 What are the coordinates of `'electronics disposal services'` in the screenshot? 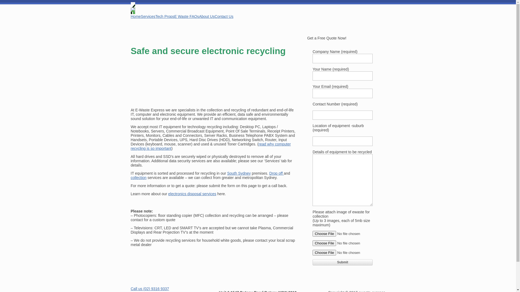 It's located at (168, 194).